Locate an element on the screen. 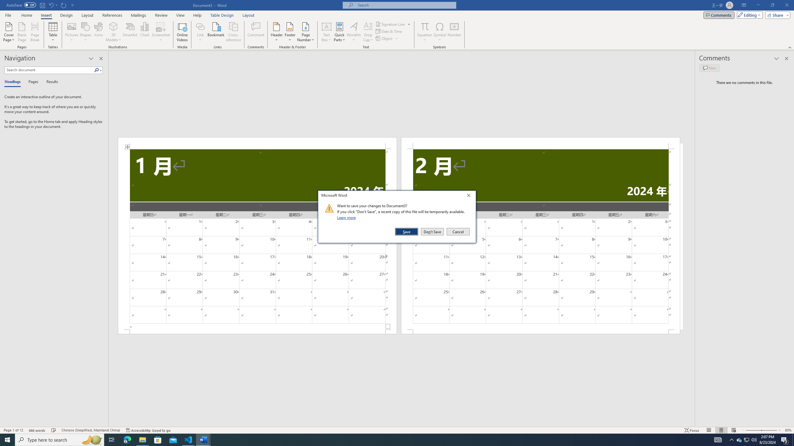 Image resolution: width=794 pixels, height=446 pixels. 'Cover Page' is located at coordinates (9, 32).